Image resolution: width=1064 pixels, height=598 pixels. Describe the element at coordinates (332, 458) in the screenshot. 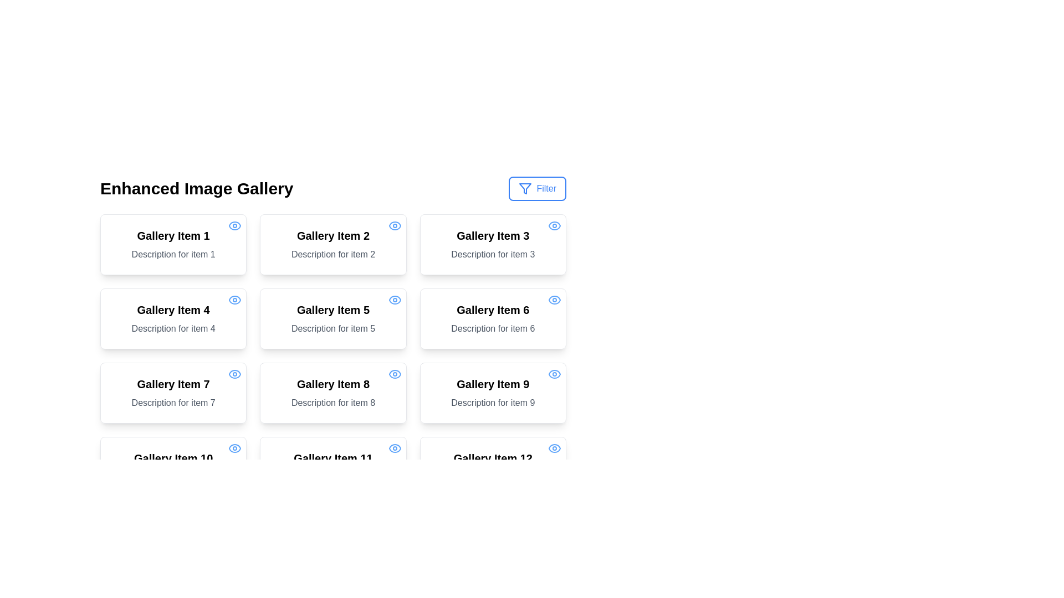

I see `the text label that reads 'Gallery Item 11', which is bold, black, and centered in the bottom row of the layout` at that location.